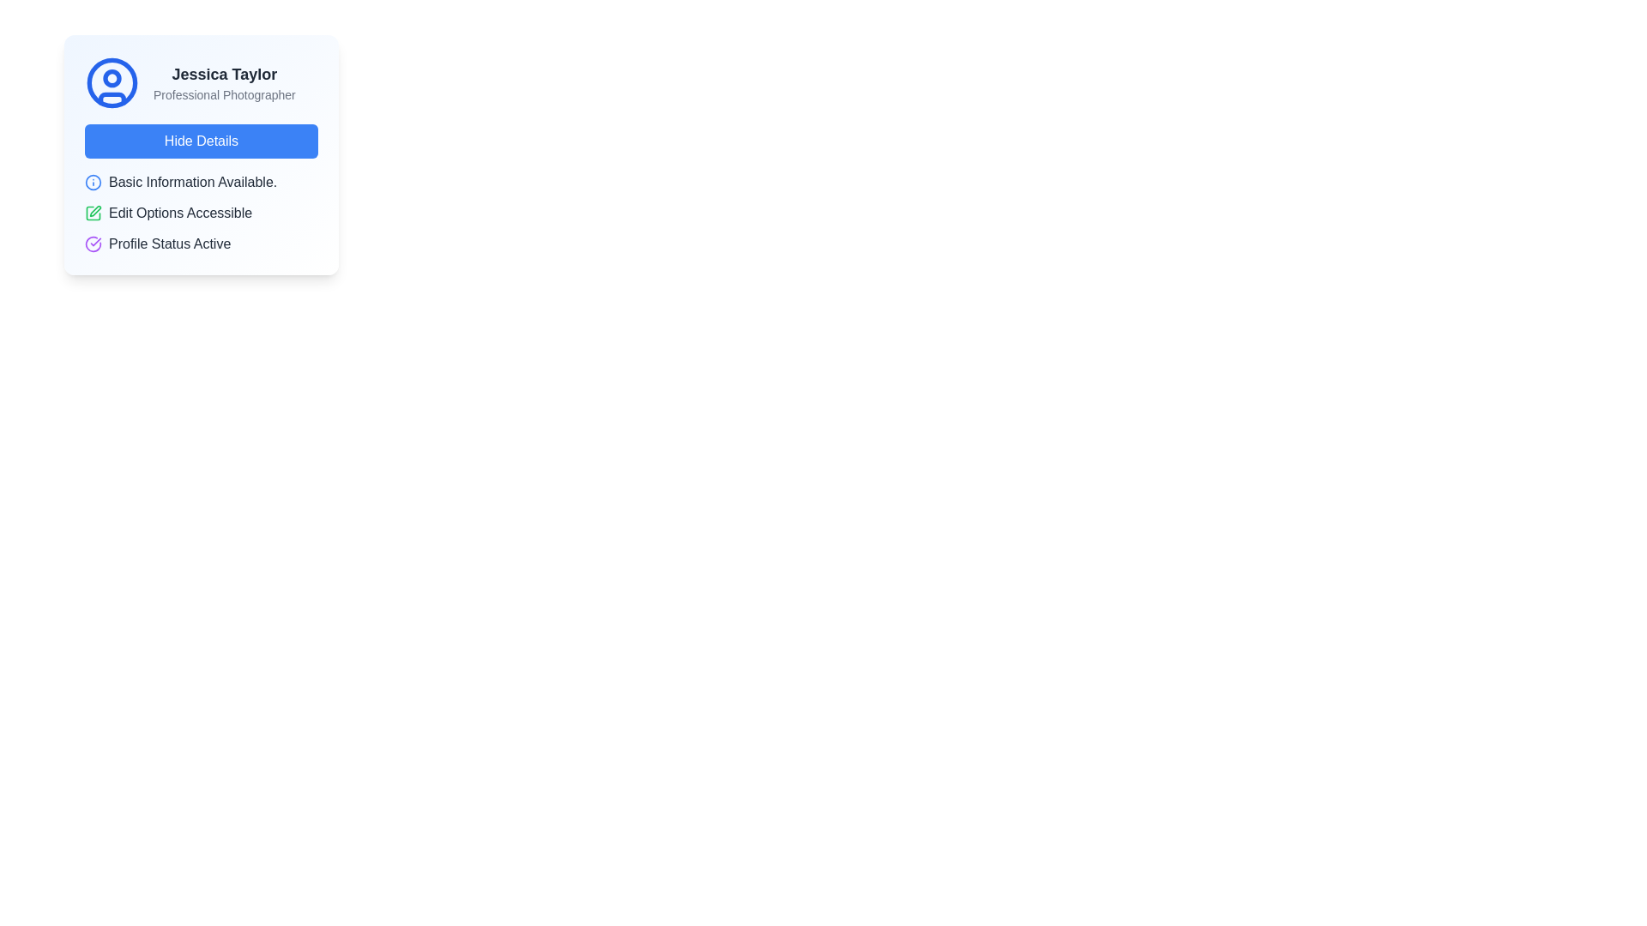 The image size is (1647, 926). Describe the element at coordinates (180, 213) in the screenshot. I see `the textual label displaying 'Edit Options Accessible', which is styled in dark gray and aligned with a green pen icon to its left, located in the middle of a vertical list within a card-style panel` at that location.